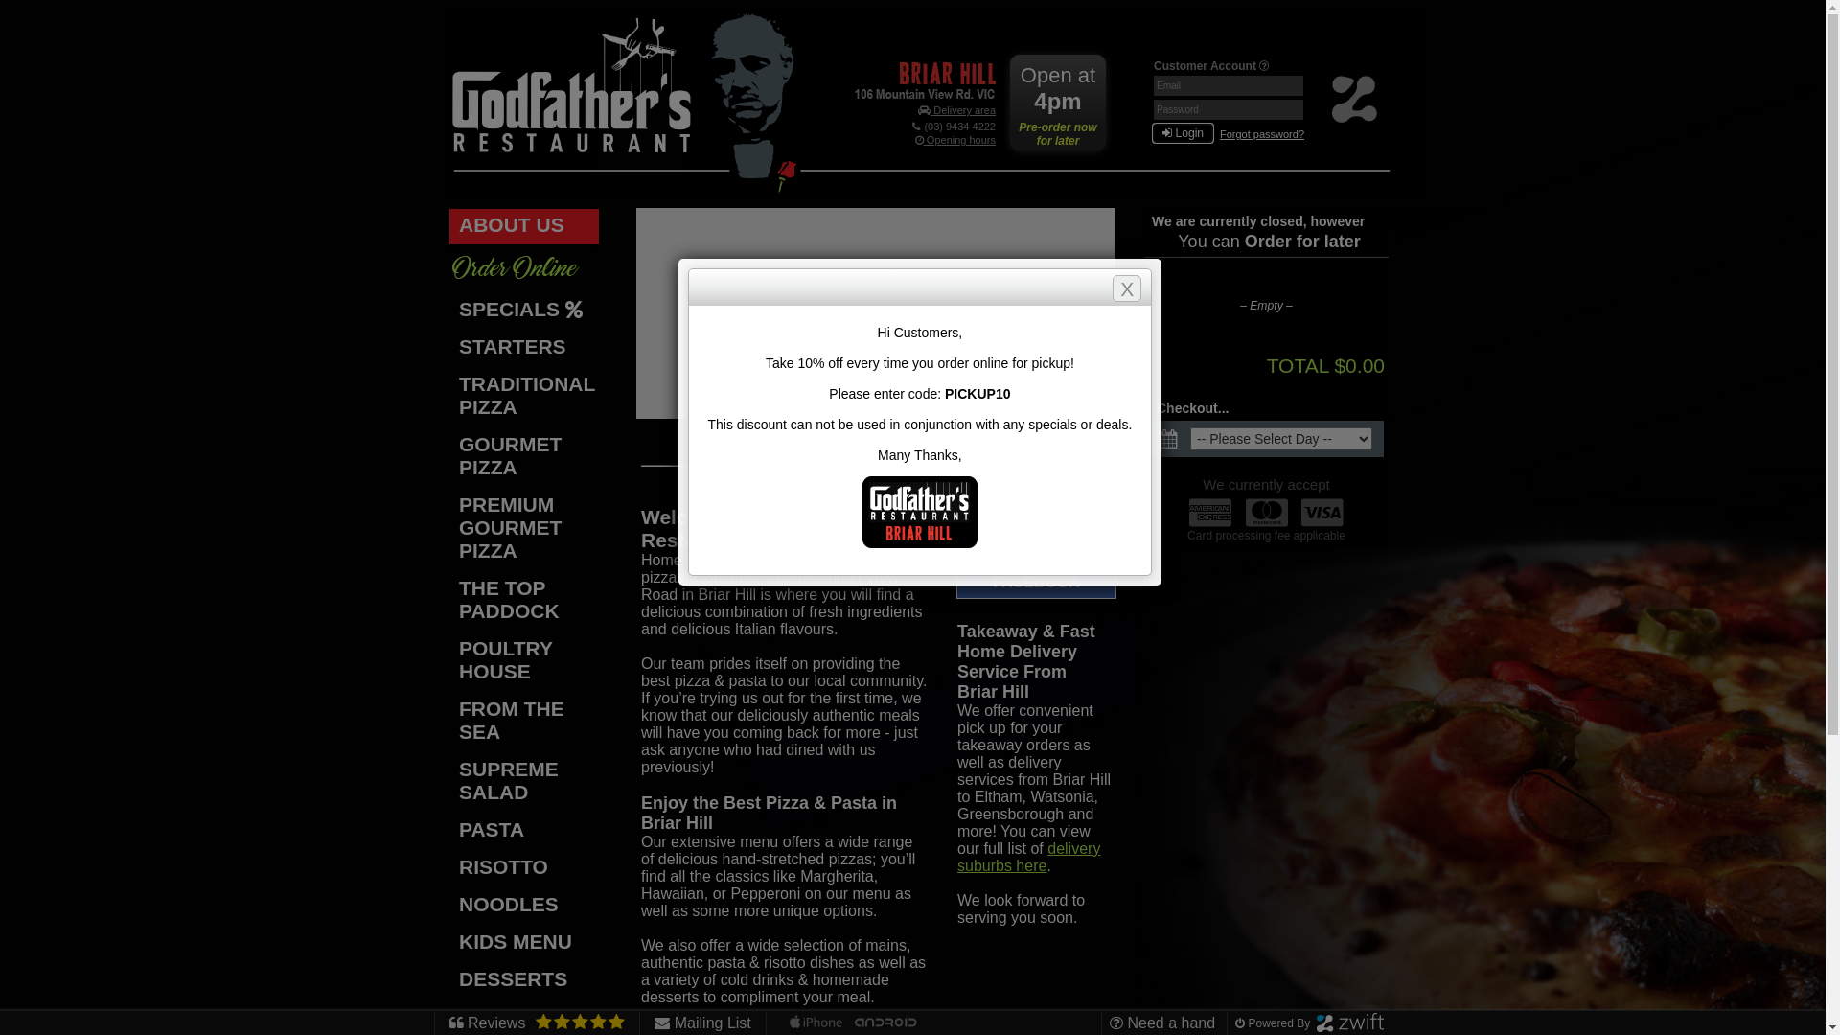 The width and height of the screenshot is (1840, 1035). I want to click on 'STARTERS', so click(448, 348).